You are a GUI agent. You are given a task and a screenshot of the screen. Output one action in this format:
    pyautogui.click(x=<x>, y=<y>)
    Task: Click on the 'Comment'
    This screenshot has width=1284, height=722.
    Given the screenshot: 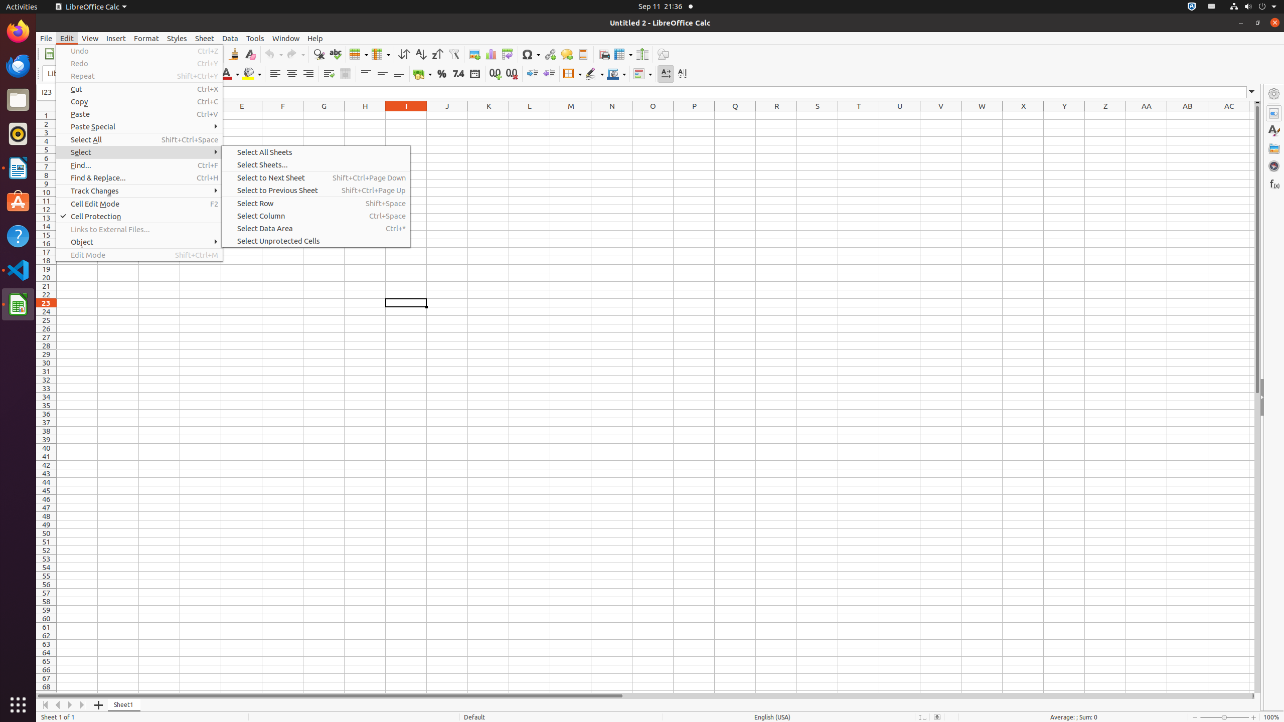 What is the action you would take?
    pyautogui.click(x=566, y=54)
    